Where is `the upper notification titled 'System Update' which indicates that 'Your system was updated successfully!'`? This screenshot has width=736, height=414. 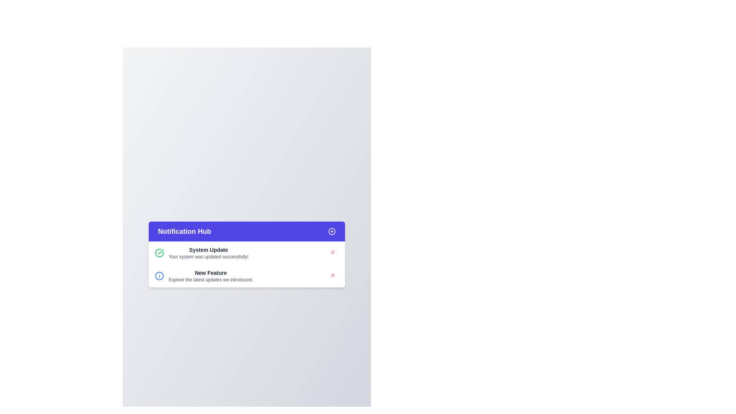
the upper notification titled 'System Update' which indicates that 'Your system was updated successfully!' is located at coordinates (202, 253).